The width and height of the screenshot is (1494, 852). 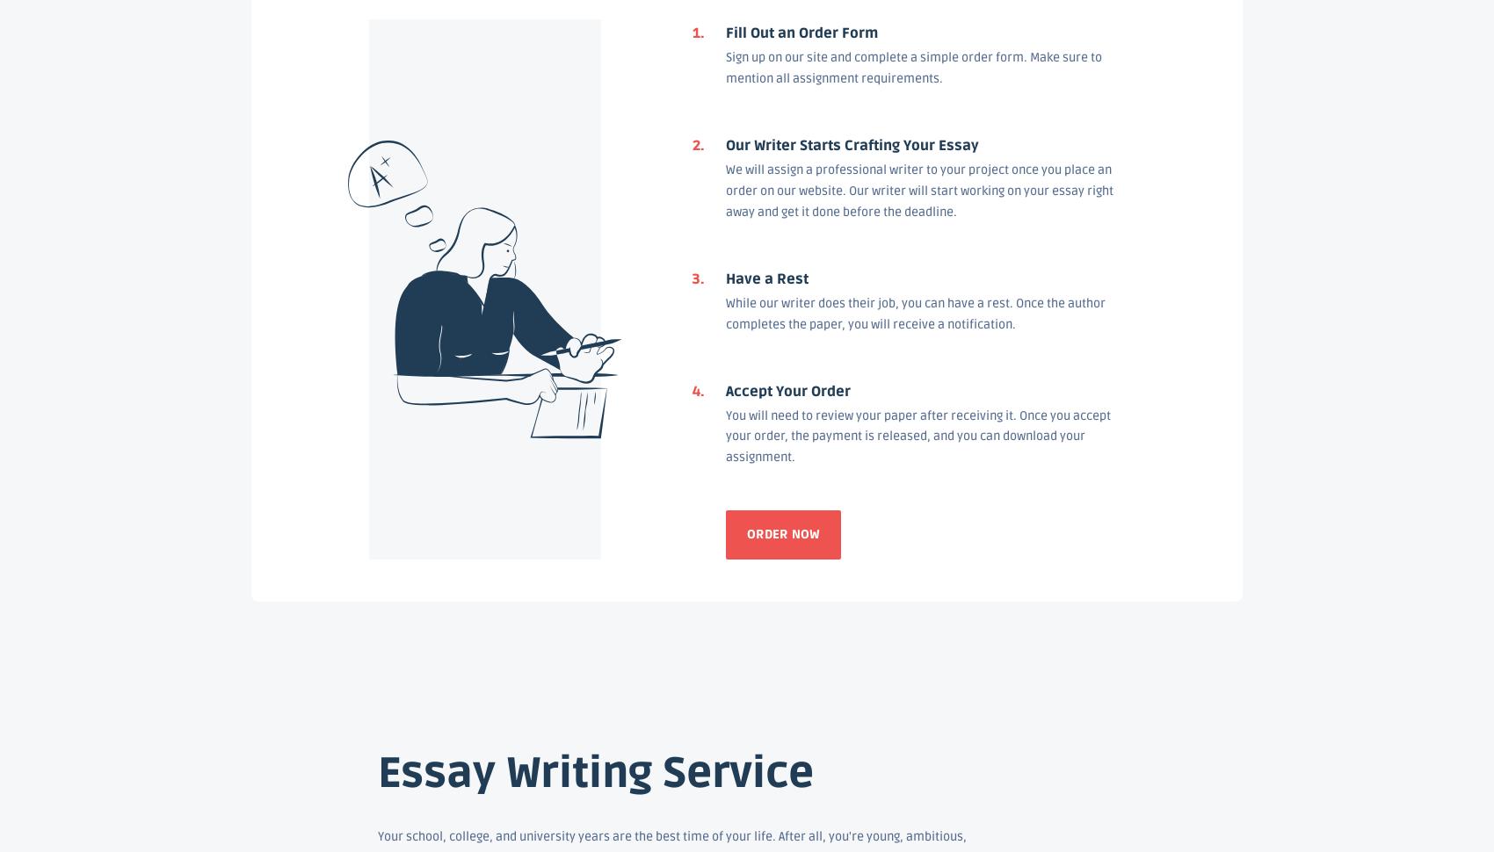 What do you see at coordinates (724, 32) in the screenshot?
I see `'Fill Out an Order Form'` at bounding box center [724, 32].